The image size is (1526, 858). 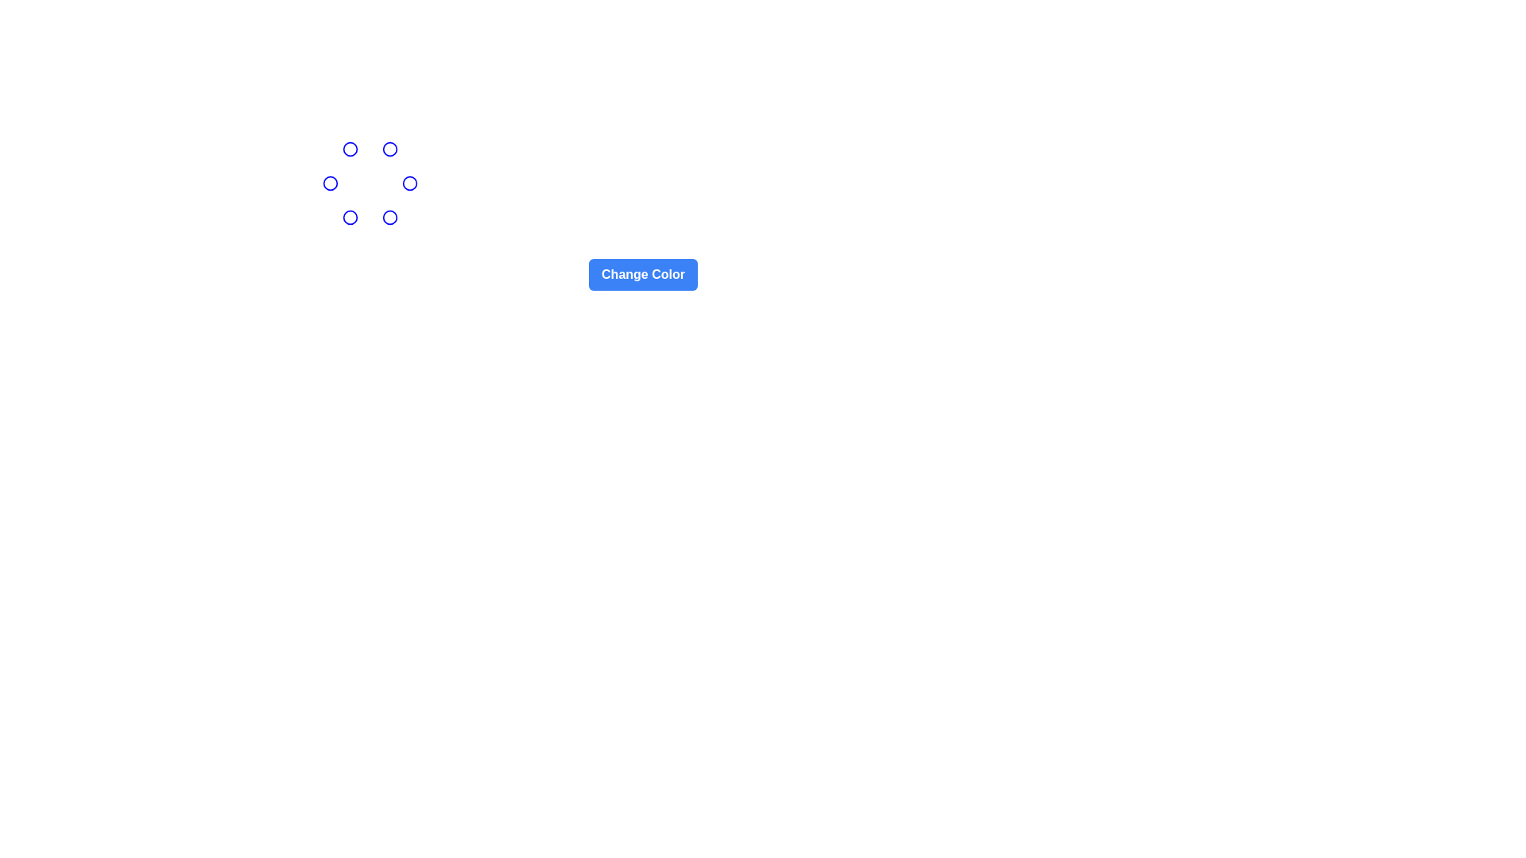 I want to click on the button located on the right side below the circular arrangement of blue circular icons, so click(x=643, y=274).